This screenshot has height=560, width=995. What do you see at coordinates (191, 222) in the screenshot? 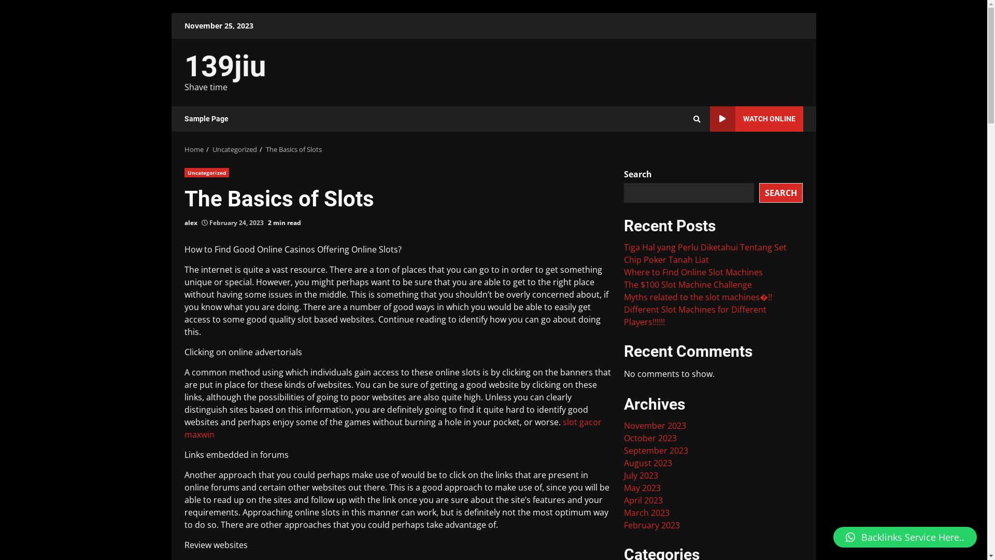
I see `'alex'` at bounding box center [191, 222].